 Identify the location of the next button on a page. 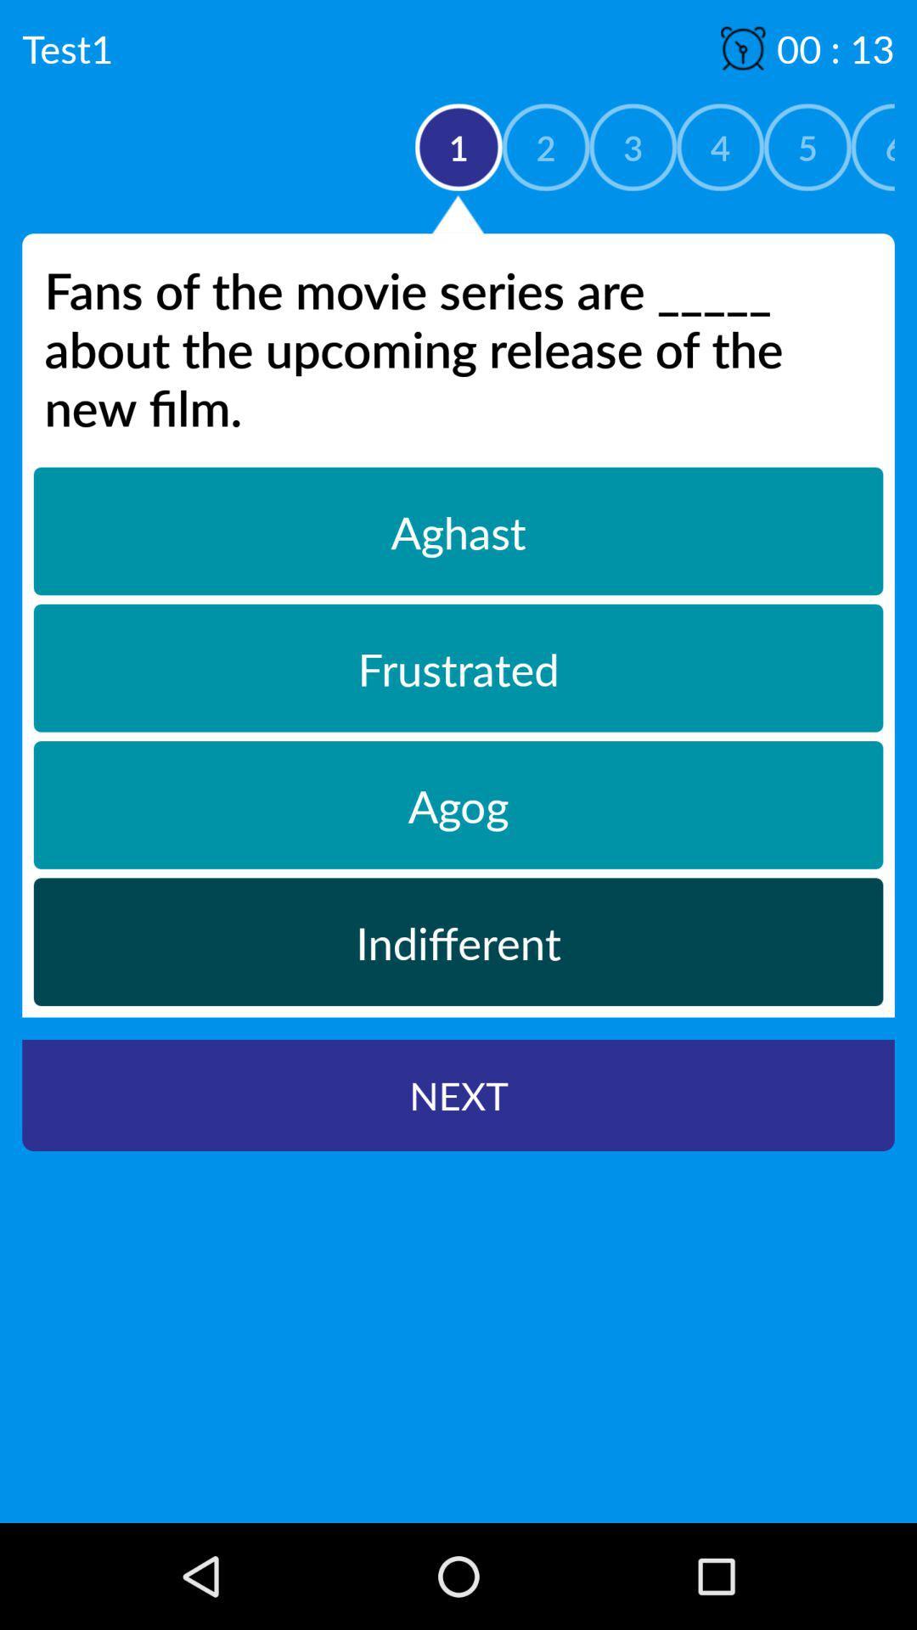
(458, 1095).